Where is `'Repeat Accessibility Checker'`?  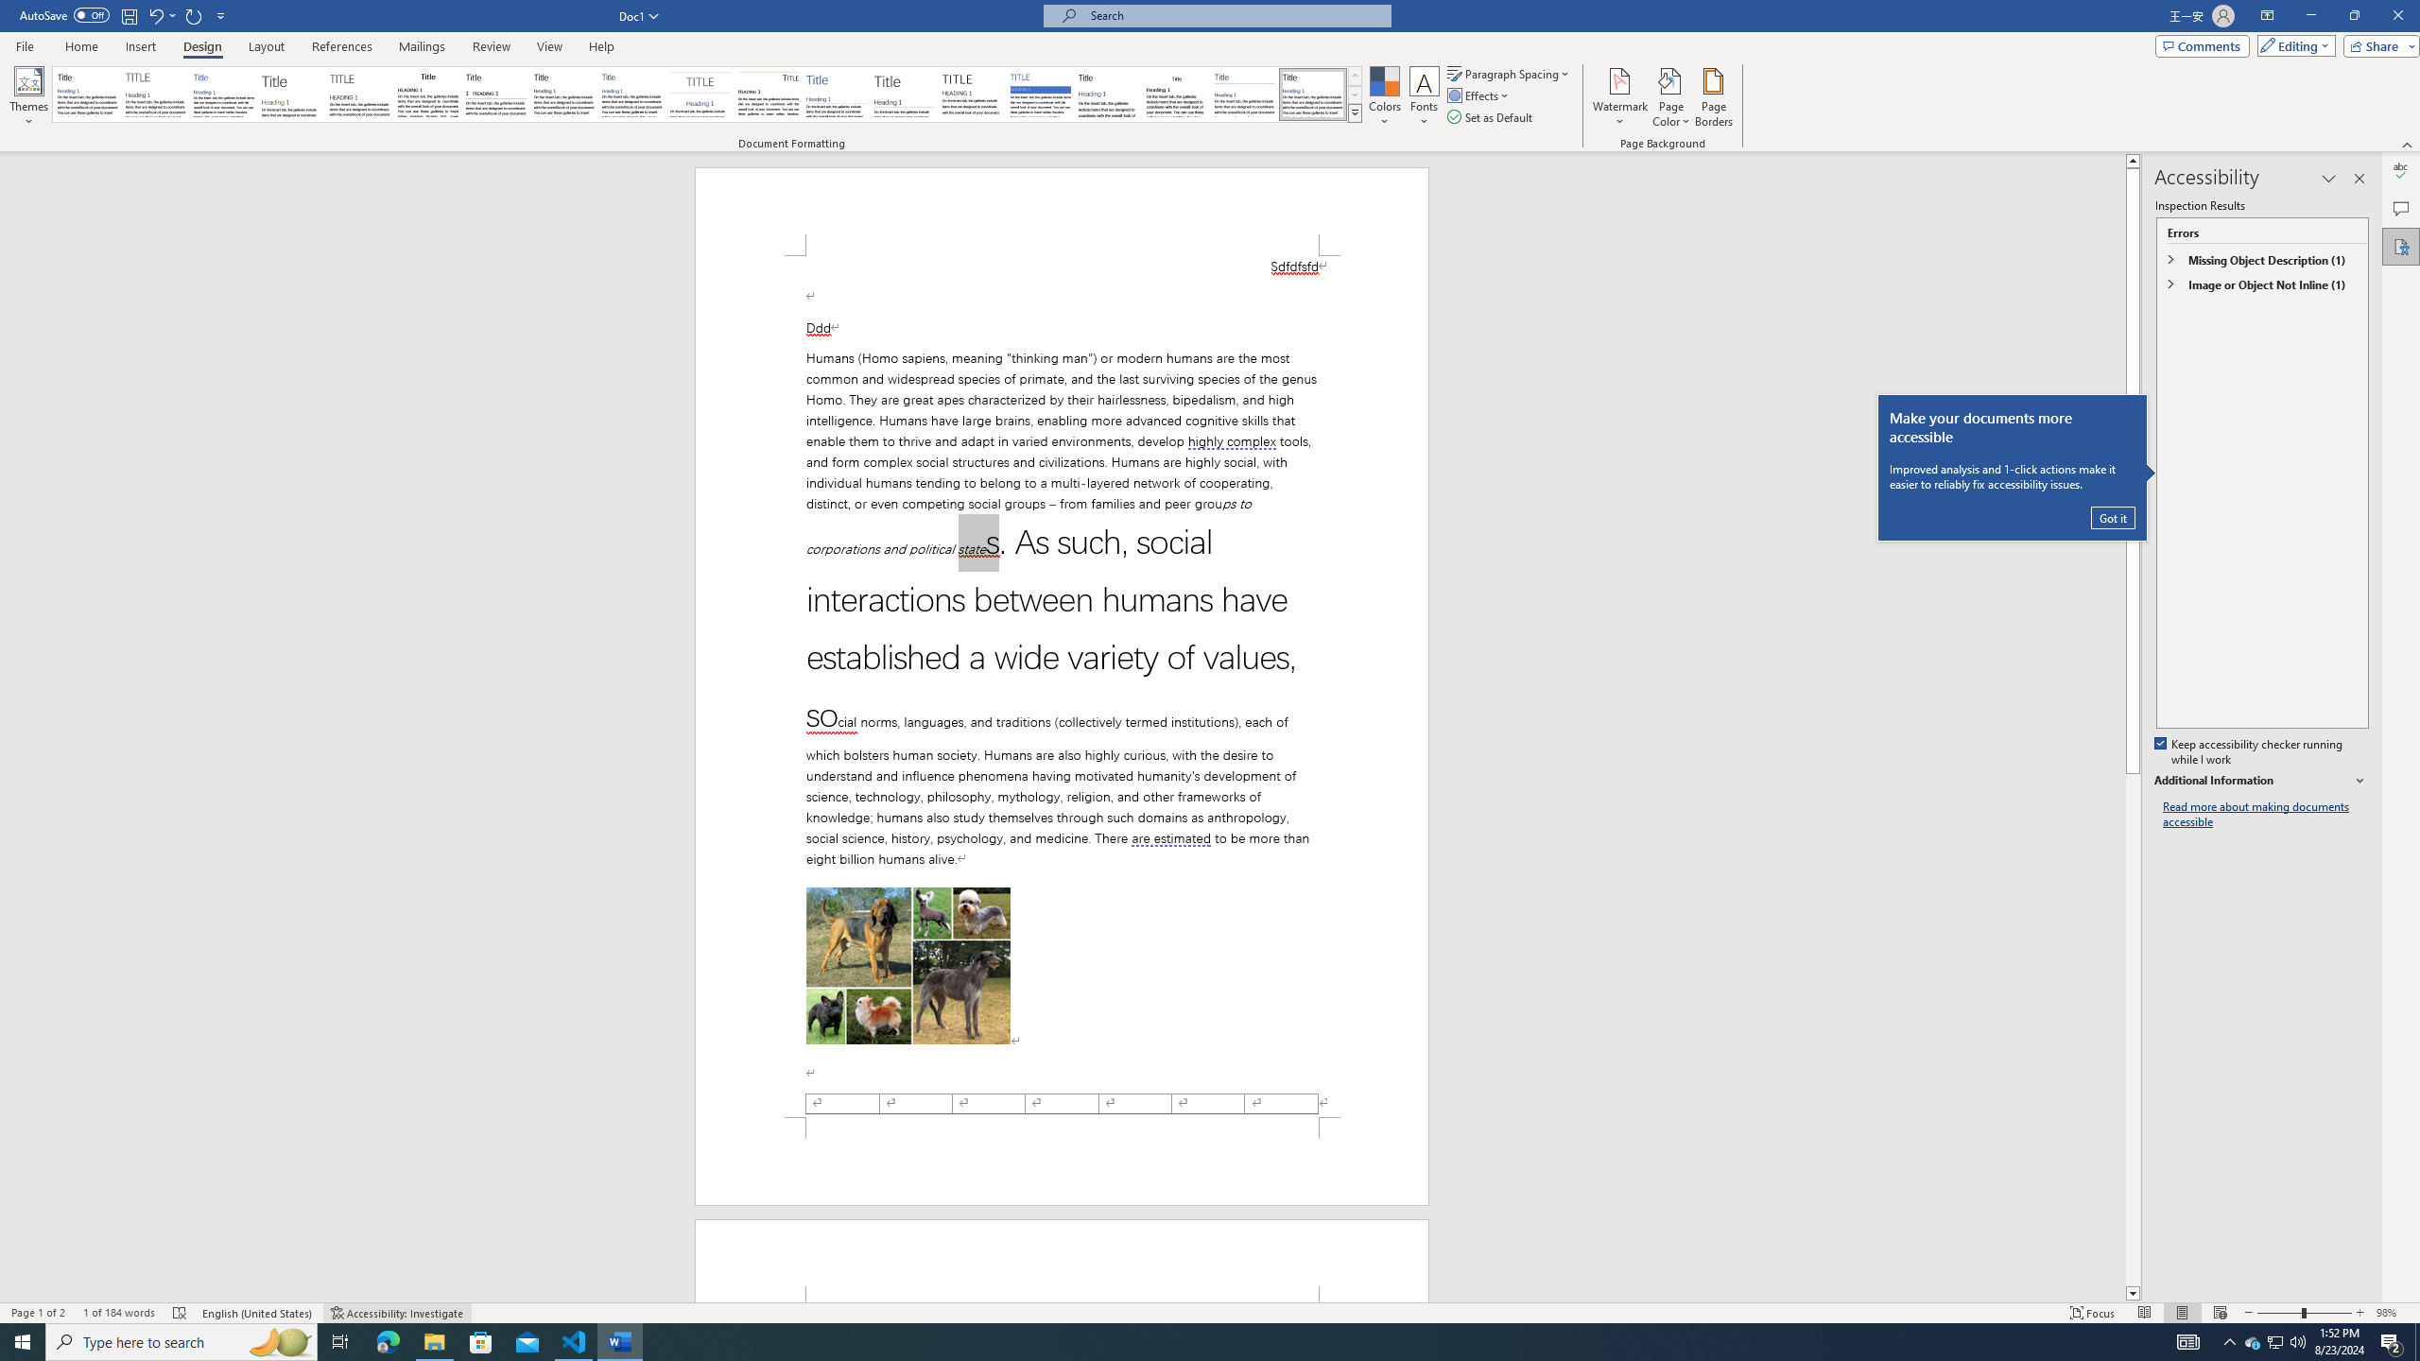 'Repeat Accessibility Checker' is located at coordinates (194, 14).